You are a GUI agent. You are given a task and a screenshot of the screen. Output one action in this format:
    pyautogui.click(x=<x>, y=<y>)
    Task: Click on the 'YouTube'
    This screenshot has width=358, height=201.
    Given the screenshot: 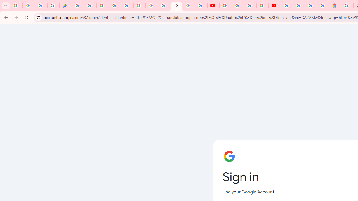 What is the action you would take?
    pyautogui.click(x=213, y=6)
    